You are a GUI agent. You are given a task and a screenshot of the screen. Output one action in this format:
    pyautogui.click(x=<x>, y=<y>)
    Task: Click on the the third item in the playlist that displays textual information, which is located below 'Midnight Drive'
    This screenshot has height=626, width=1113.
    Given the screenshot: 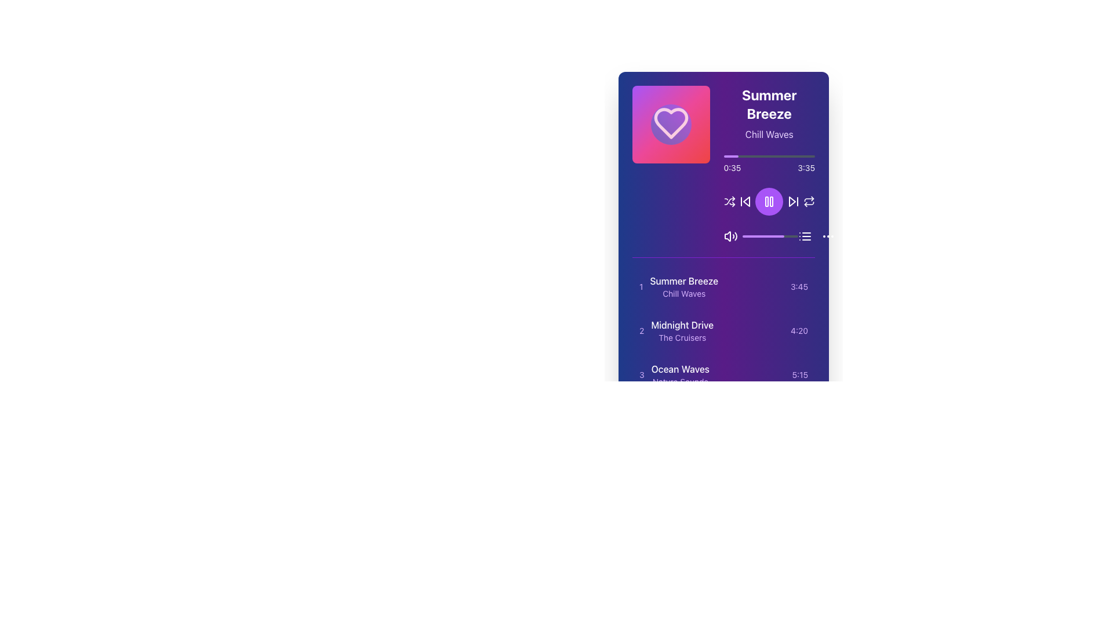 What is the action you would take?
    pyautogui.click(x=674, y=375)
    